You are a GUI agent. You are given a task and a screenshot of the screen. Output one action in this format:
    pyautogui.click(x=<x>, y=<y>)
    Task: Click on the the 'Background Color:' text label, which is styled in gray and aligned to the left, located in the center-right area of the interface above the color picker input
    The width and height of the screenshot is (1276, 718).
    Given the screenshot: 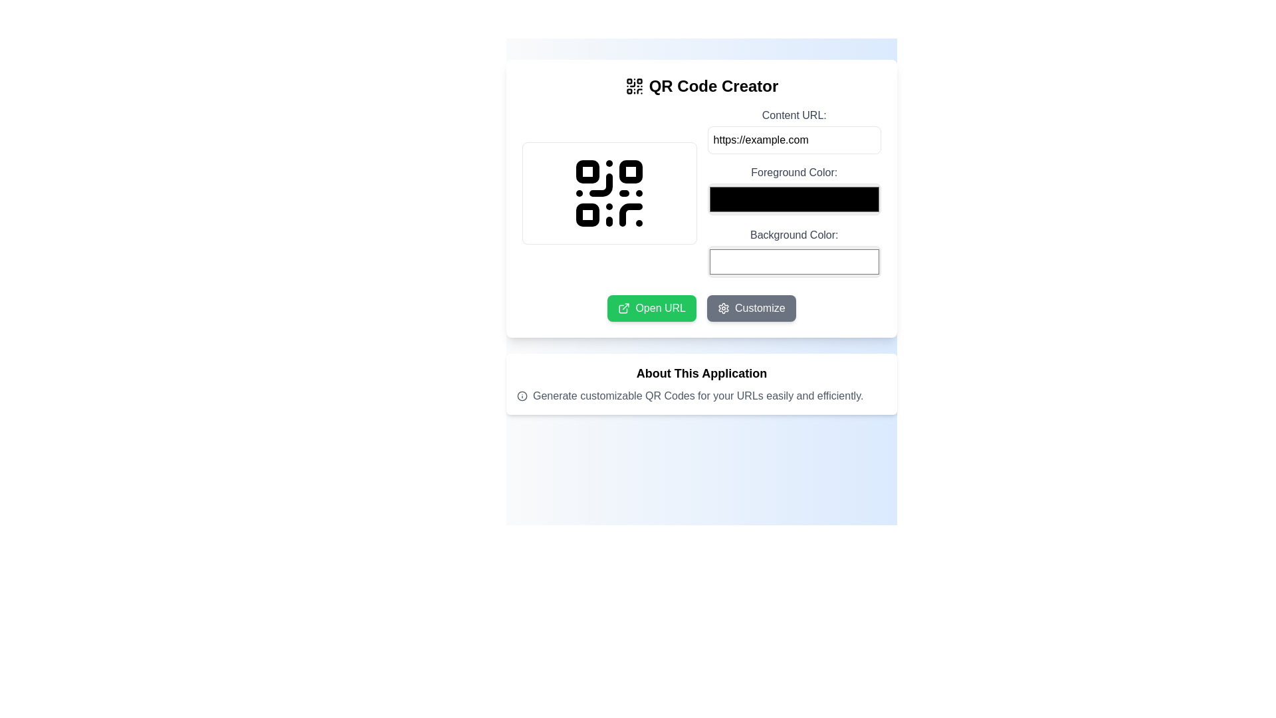 What is the action you would take?
    pyautogui.click(x=794, y=234)
    